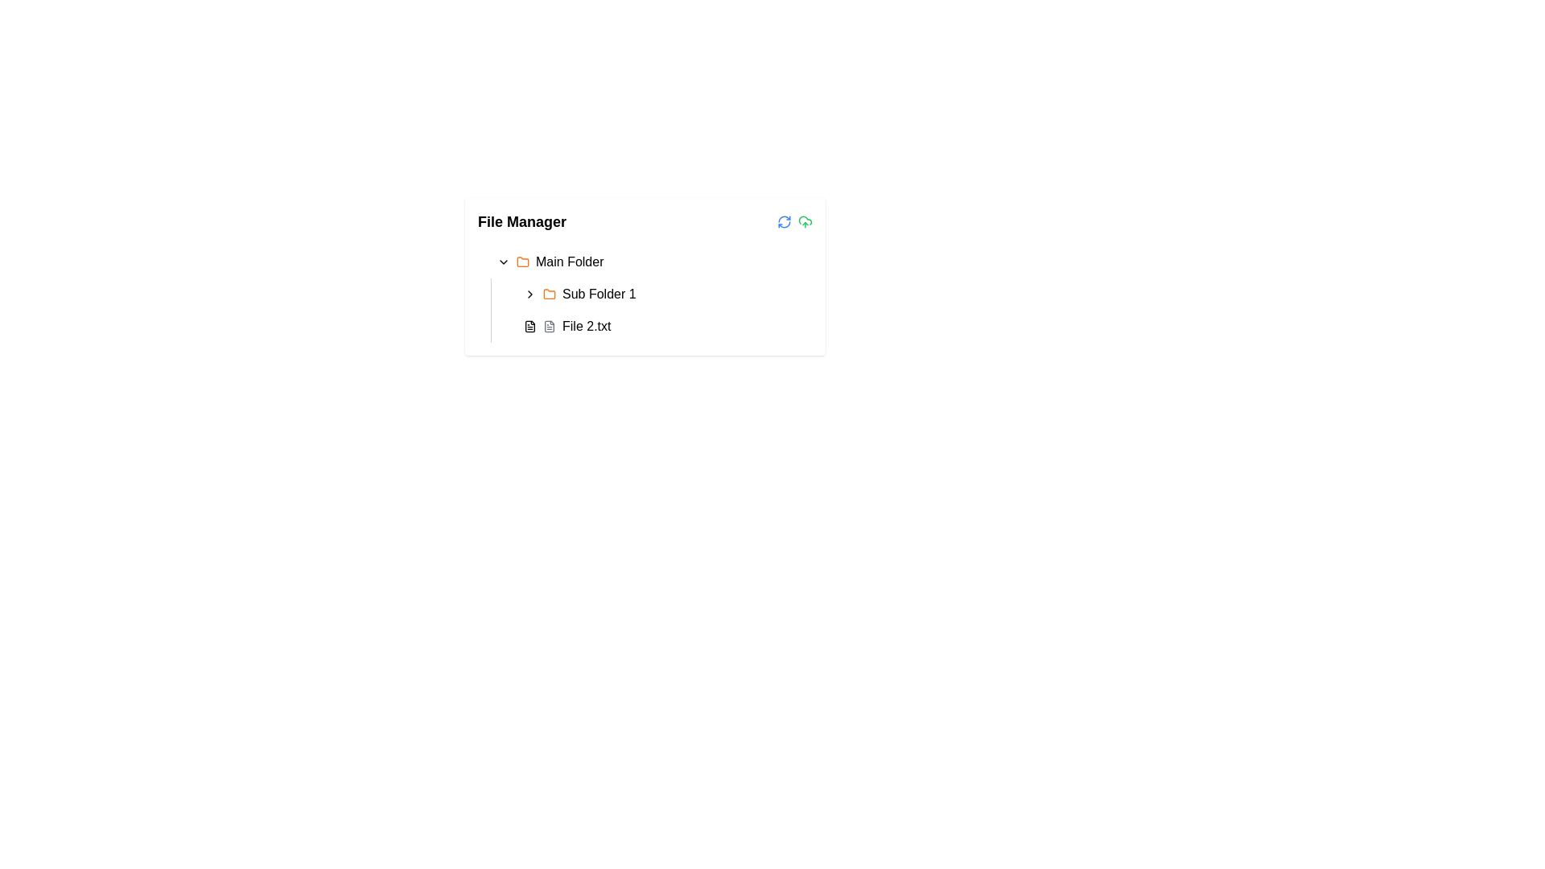 This screenshot has height=869, width=1545. What do you see at coordinates (522, 262) in the screenshot?
I see `the orange-colored folder icon located next` at bounding box center [522, 262].